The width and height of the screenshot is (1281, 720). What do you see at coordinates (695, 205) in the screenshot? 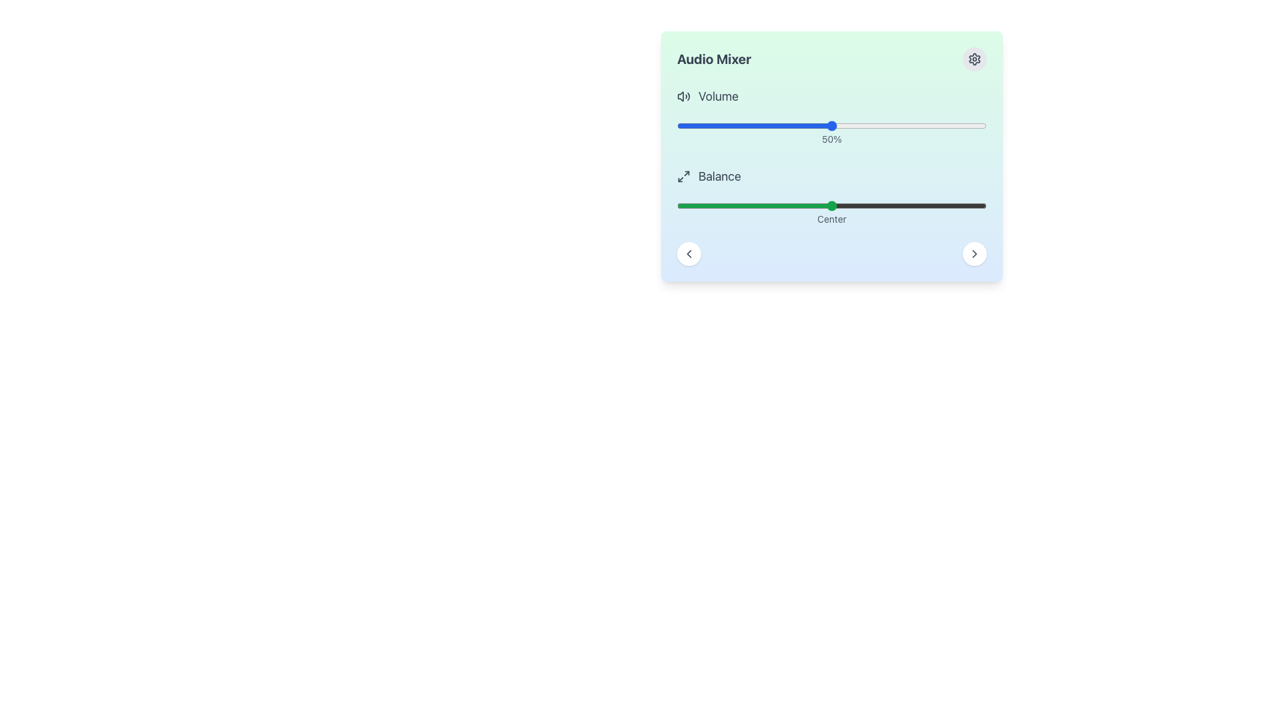
I see `balance` at bounding box center [695, 205].